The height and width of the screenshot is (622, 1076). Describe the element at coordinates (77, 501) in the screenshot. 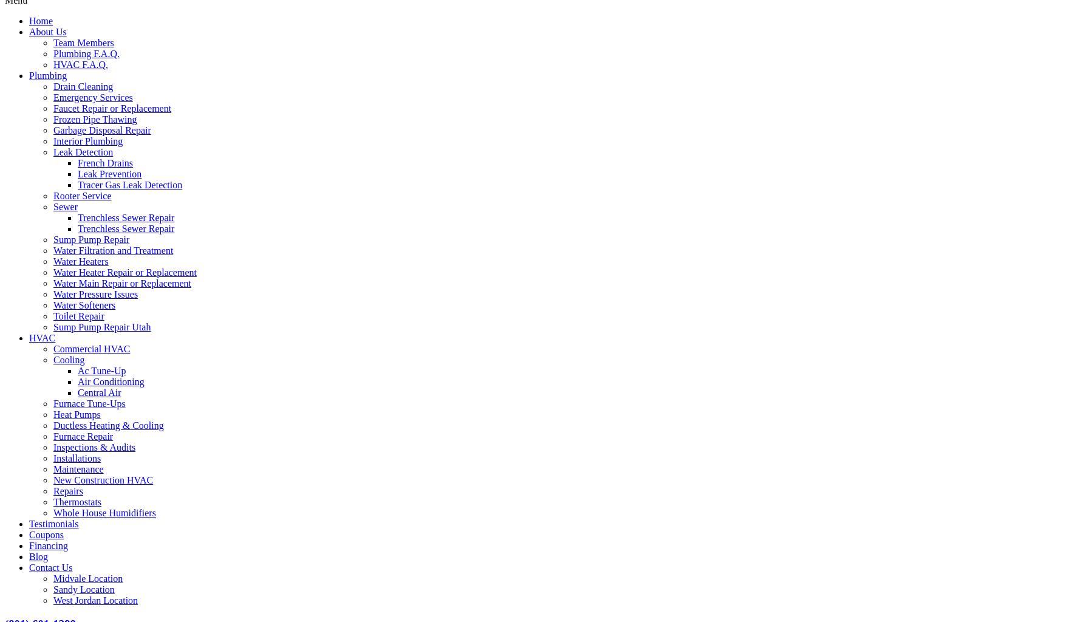

I see `'Thermostats'` at that location.